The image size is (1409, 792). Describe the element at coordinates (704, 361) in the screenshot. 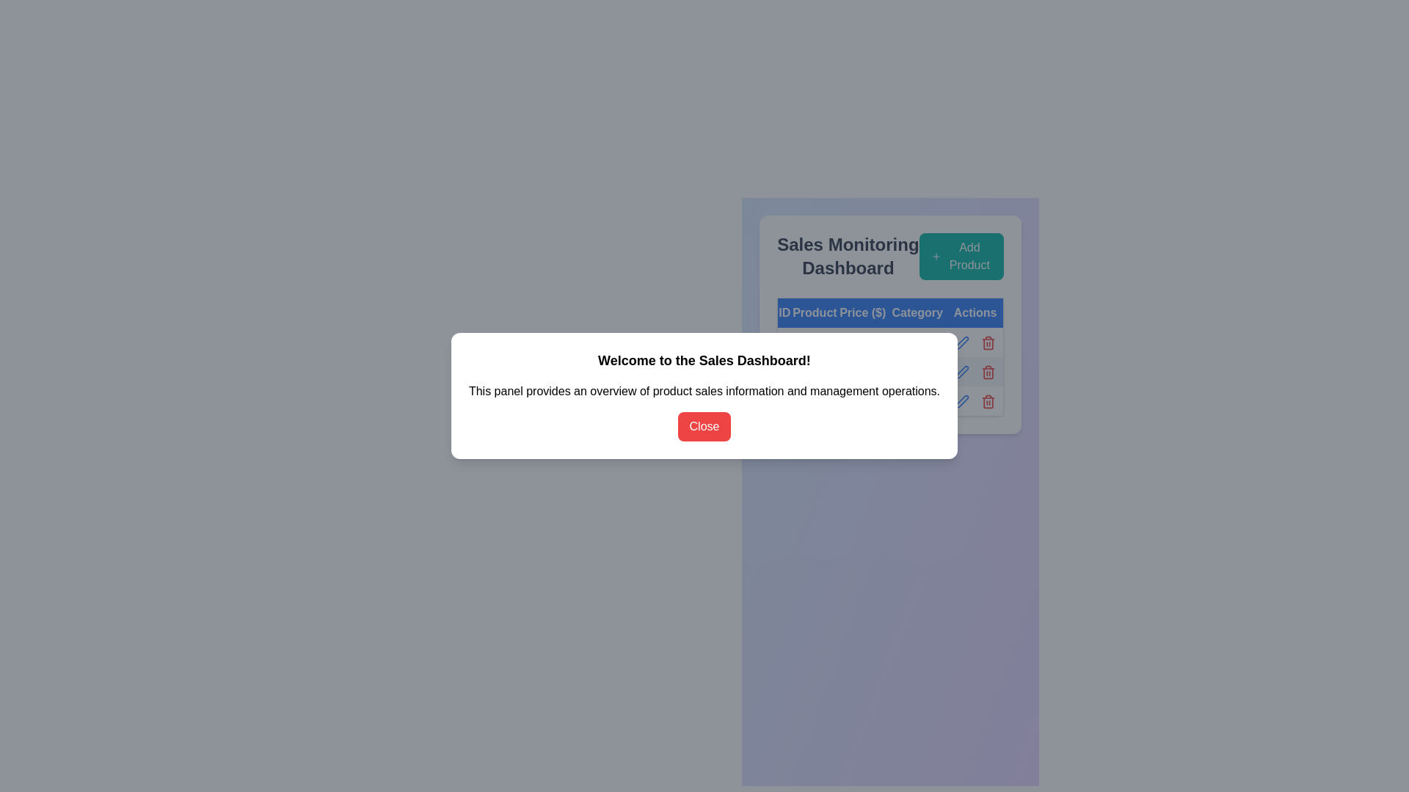

I see `the text header 'Welcome to the Sales Dashboard!' which is styled in bold, large font and located at the top of a white rectangular panel` at that location.